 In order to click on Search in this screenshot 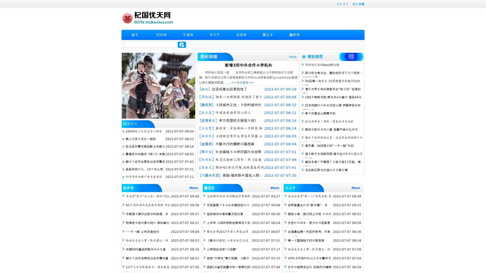, I will do `click(182, 44)`.